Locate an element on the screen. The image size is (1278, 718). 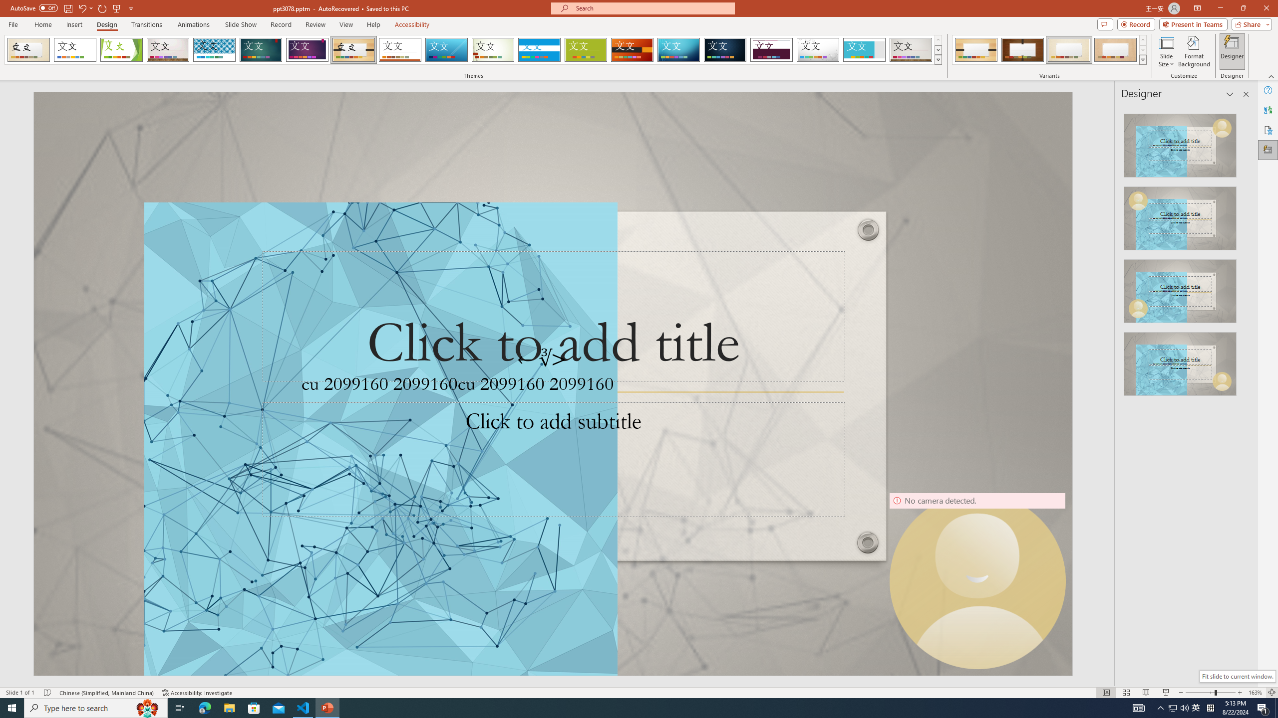
'Animations' is located at coordinates (193, 24).